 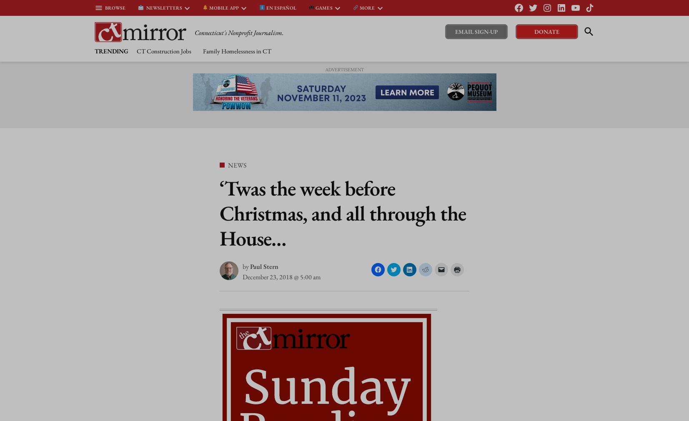 What do you see at coordinates (621, 55) in the screenshot?
I see `'Oldest'` at bounding box center [621, 55].